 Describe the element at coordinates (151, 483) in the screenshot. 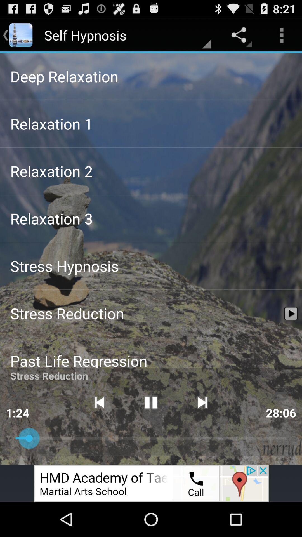

I see `click on advertisement` at that location.